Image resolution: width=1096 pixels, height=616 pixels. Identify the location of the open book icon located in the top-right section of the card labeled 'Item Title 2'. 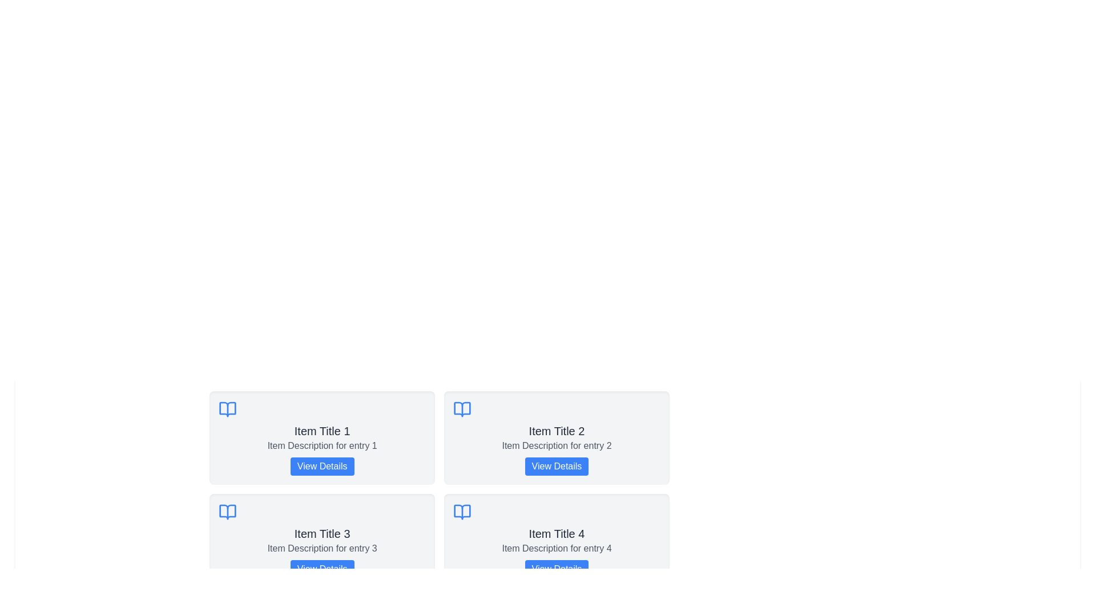
(462, 408).